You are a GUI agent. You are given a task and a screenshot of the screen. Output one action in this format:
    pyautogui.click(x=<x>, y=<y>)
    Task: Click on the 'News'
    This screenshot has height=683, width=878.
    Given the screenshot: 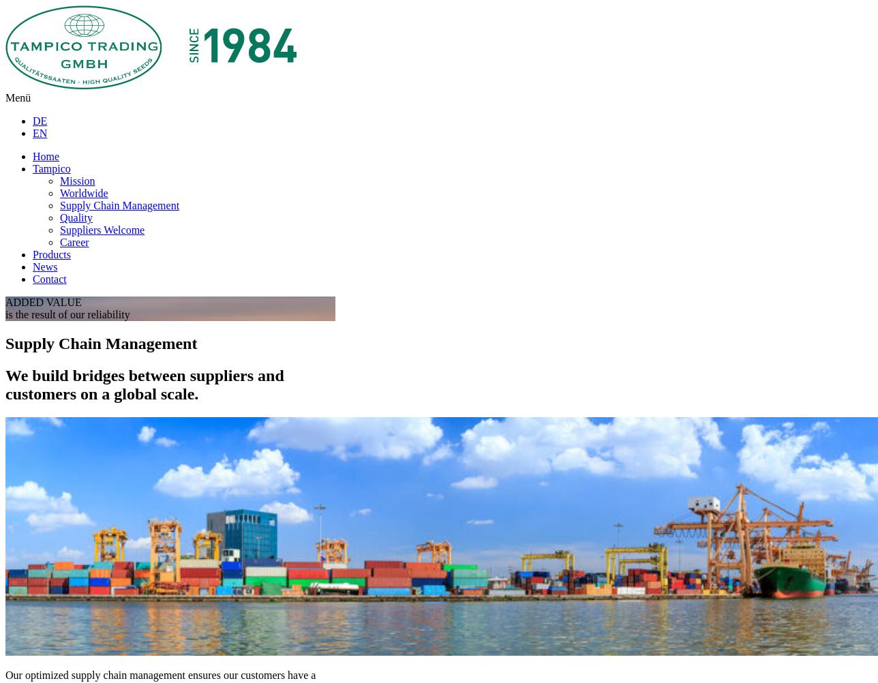 What is the action you would take?
    pyautogui.click(x=44, y=267)
    